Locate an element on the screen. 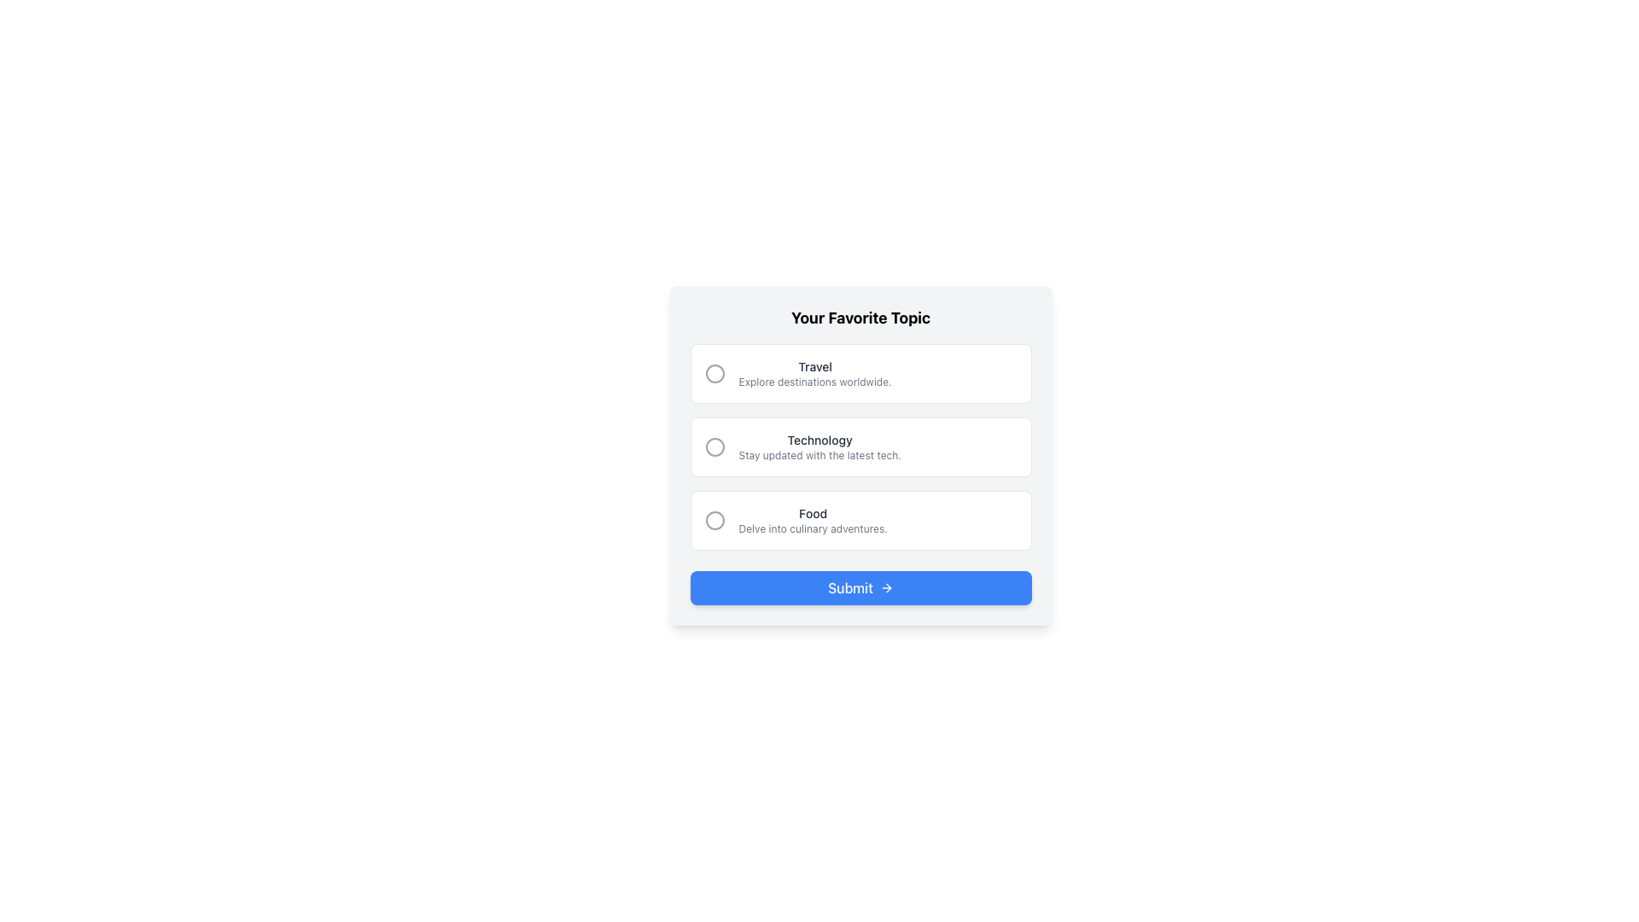  the static text element that reads 'Delve into culinary adventures.', which is styled in light gray and positioned below the 'Food' label is located at coordinates (812, 528).